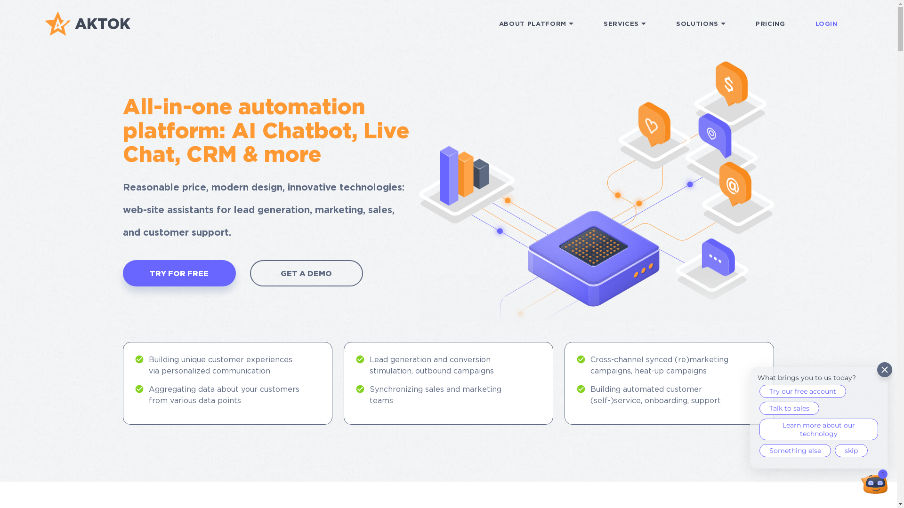  I want to click on 'LOGIN', so click(825, 23).